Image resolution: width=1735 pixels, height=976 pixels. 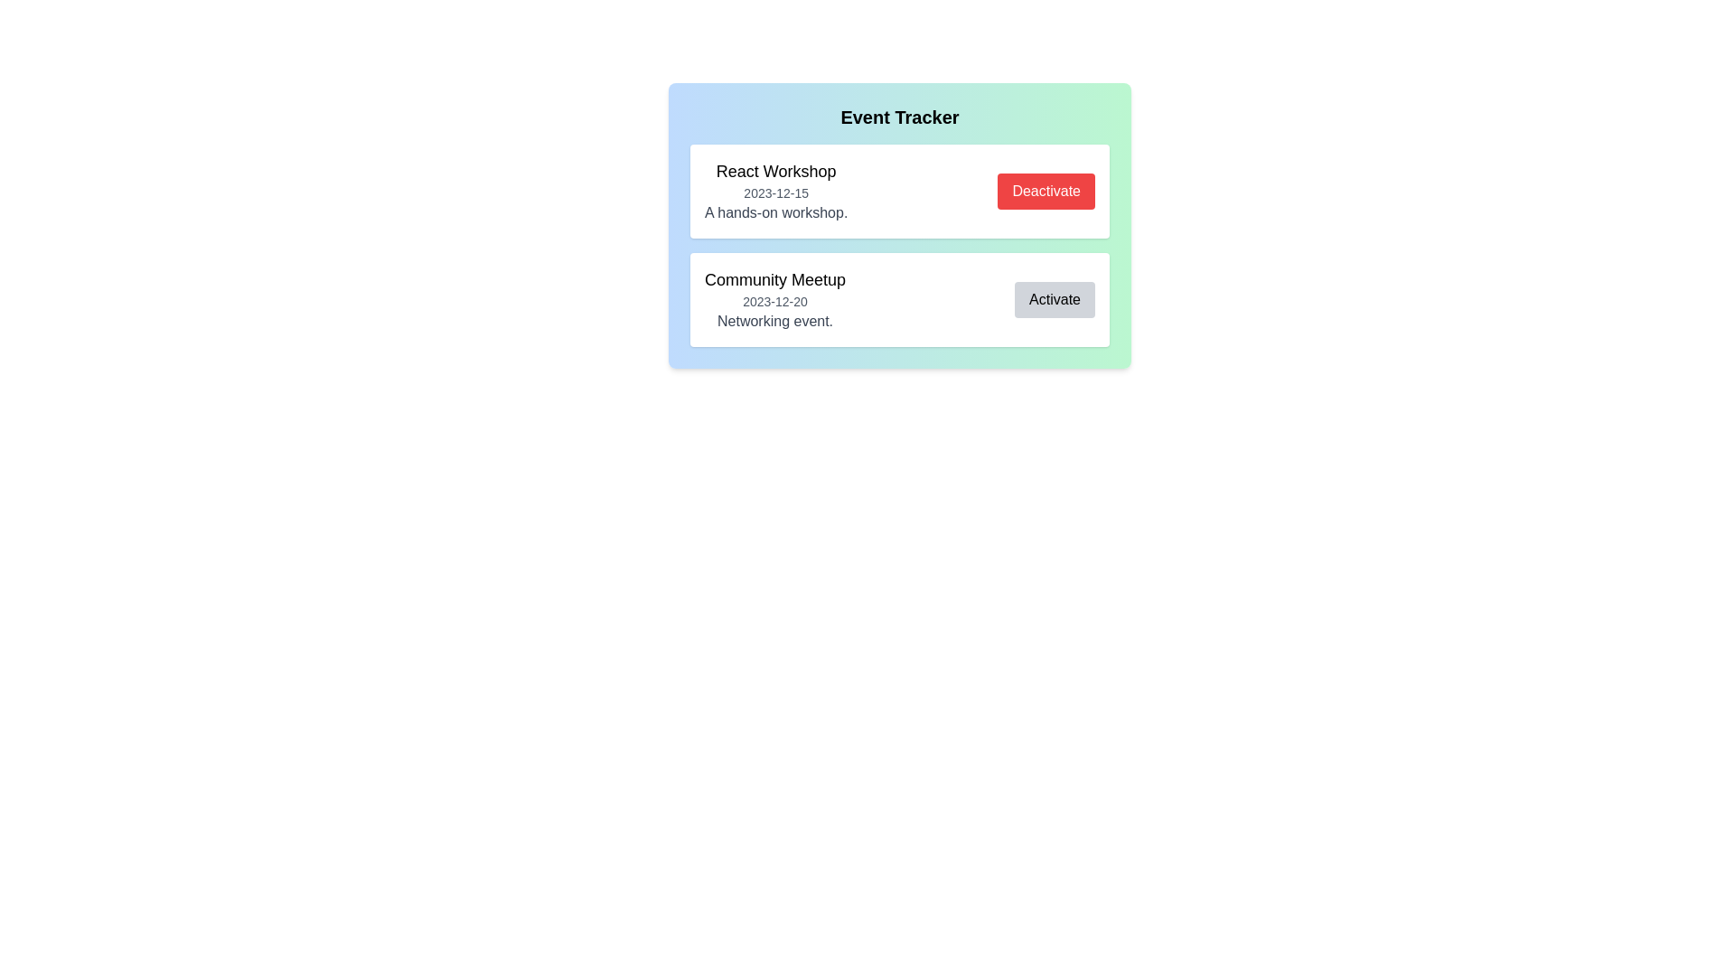 What do you see at coordinates (1055, 298) in the screenshot?
I see `the button labeled Activate to toggle the event's activation status` at bounding box center [1055, 298].